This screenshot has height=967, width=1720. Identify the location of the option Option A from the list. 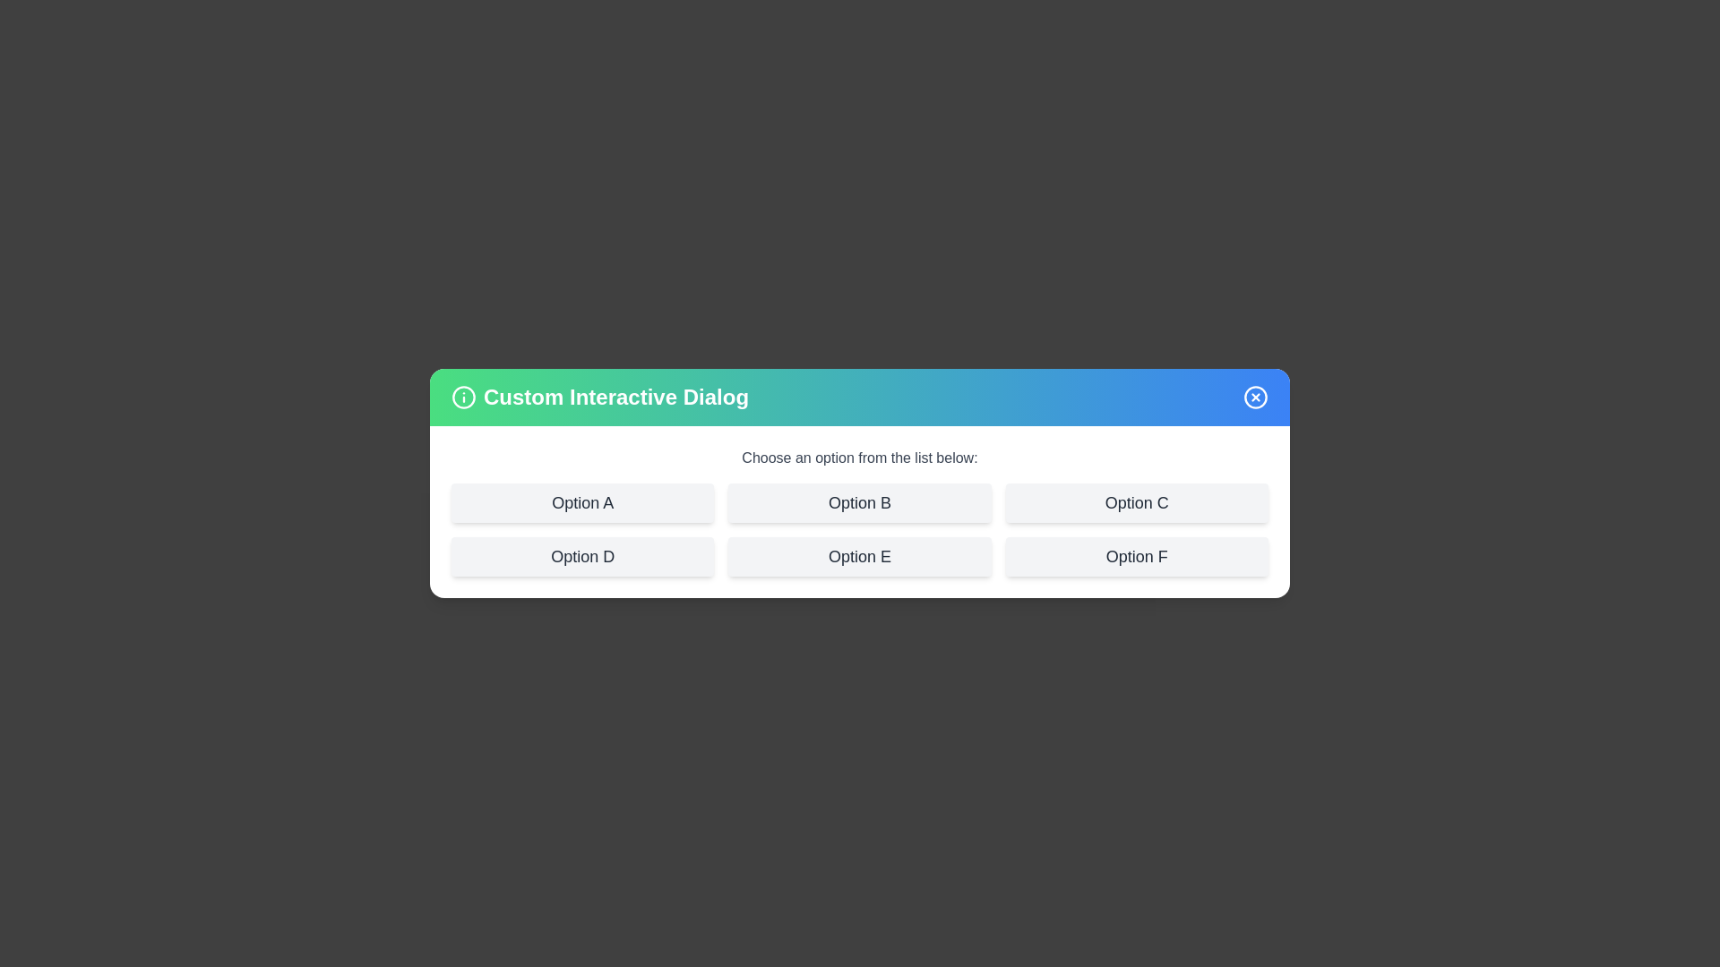
(581, 503).